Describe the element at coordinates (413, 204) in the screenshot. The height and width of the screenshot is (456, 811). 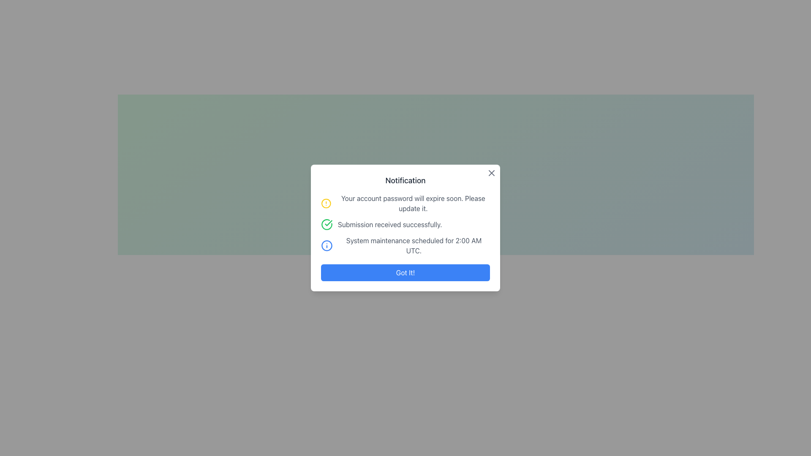
I see `text label displaying the message 'Your account password will expire soon. Please update it.' which is part of a notification modal` at that location.